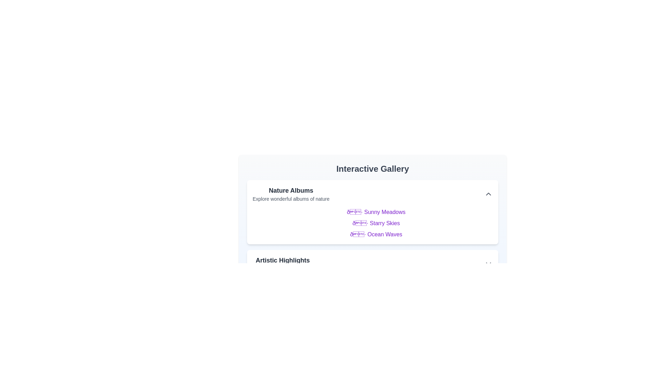  Describe the element at coordinates (376, 223) in the screenshot. I see `the text of Starry Skies for copying` at that location.